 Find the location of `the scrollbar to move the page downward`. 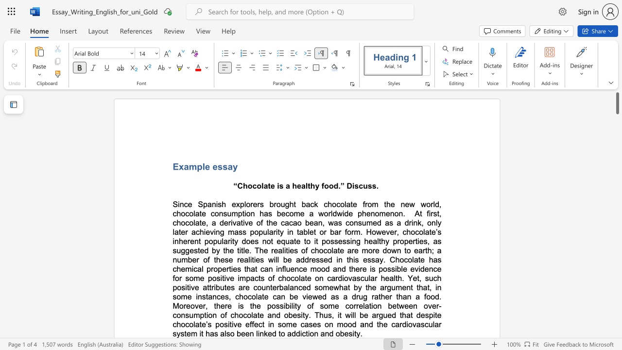

the scrollbar to move the page downward is located at coordinates (617, 228).